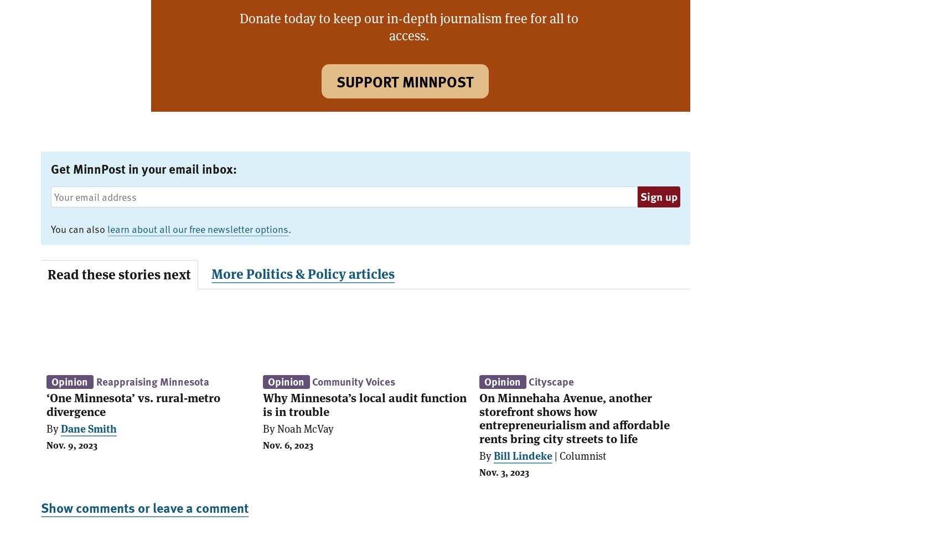 This screenshot has width=941, height=551. I want to click on 'Cityscape', so click(551, 381).